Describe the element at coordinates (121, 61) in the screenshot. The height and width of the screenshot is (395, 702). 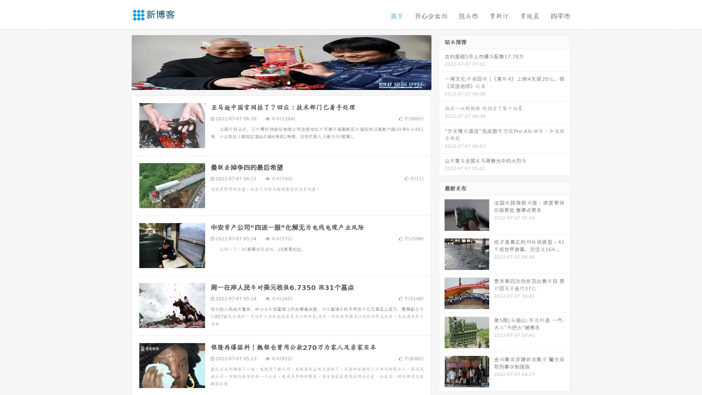
I see `Previous slide` at that location.